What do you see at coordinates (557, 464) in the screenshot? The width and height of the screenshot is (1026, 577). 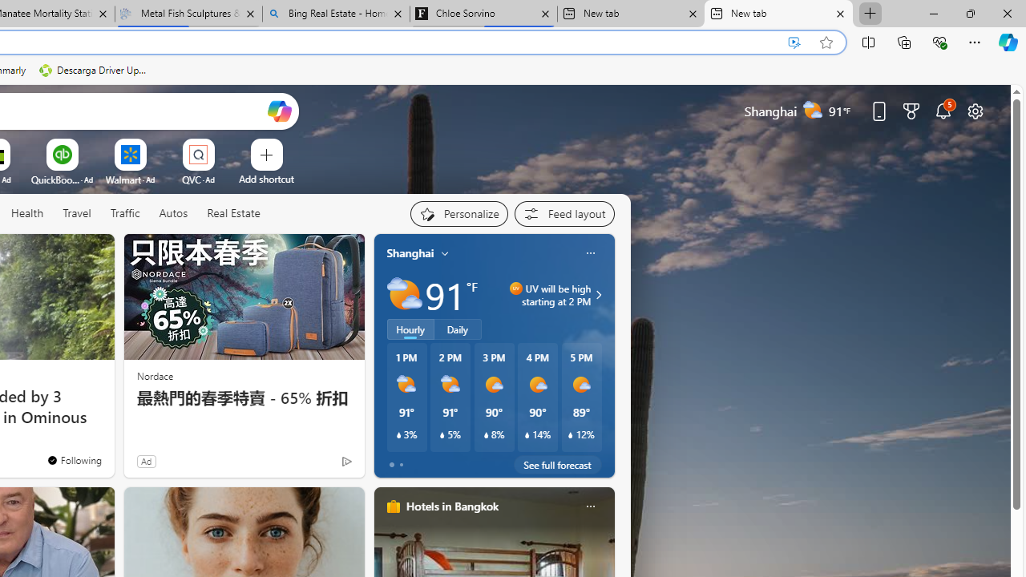 I see `'See full forecast'` at bounding box center [557, 464].